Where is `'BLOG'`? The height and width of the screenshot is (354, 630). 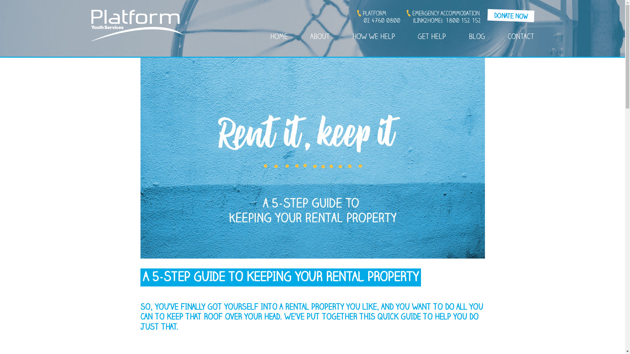 'BLOG' is located at coordinates (476, 38).